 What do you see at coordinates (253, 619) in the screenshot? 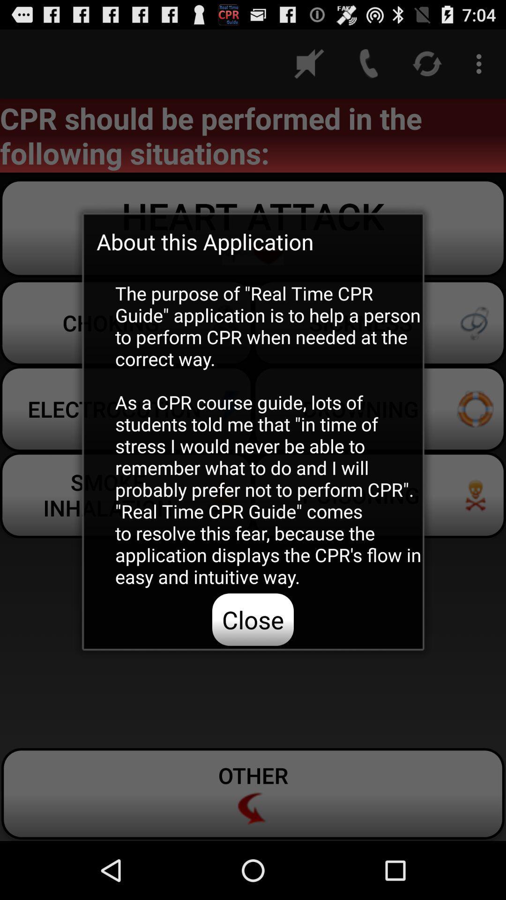
I see `the app below the purpose of icon` at bounding box center [253, 619].